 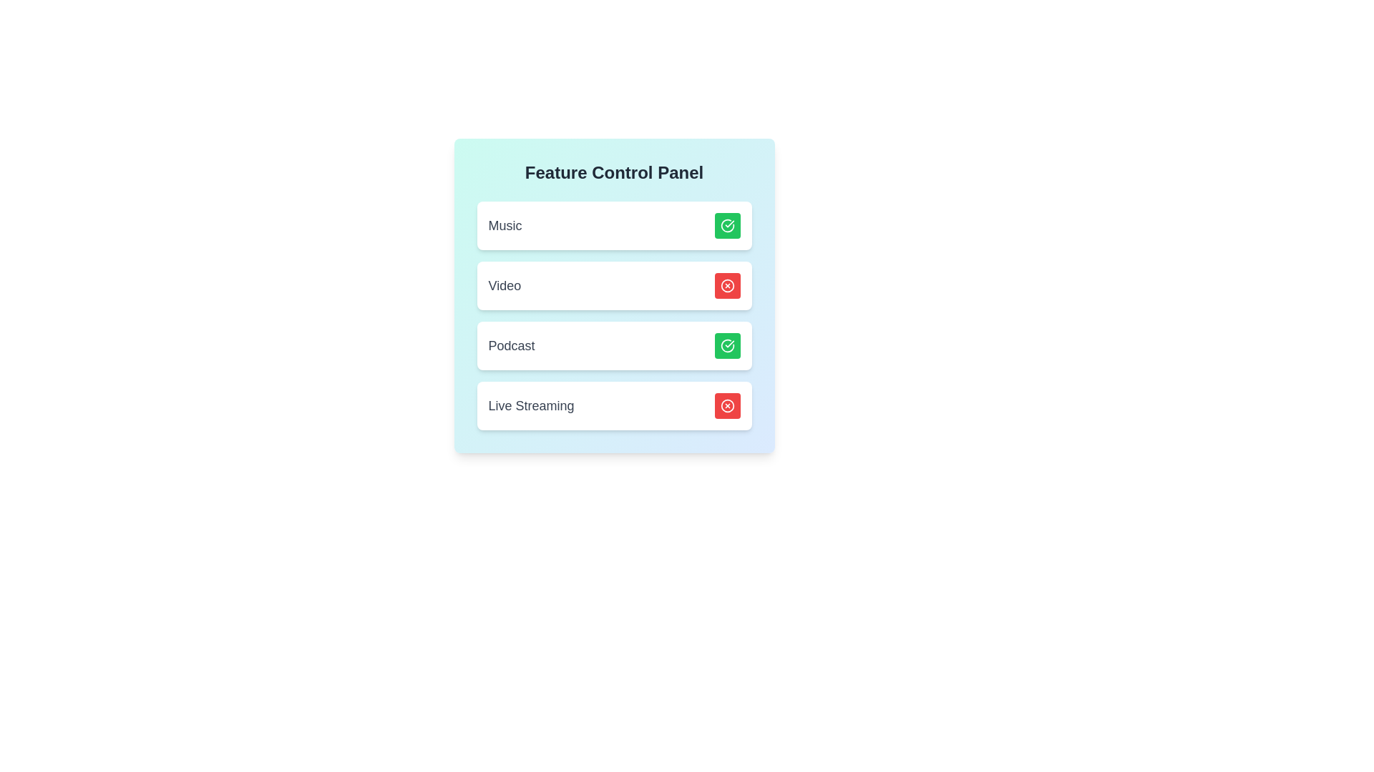 What do you see at coordinates (614, 345) in the screenshot?
I see `the card background of the feature Podcast` at bounding box center [614, 345].